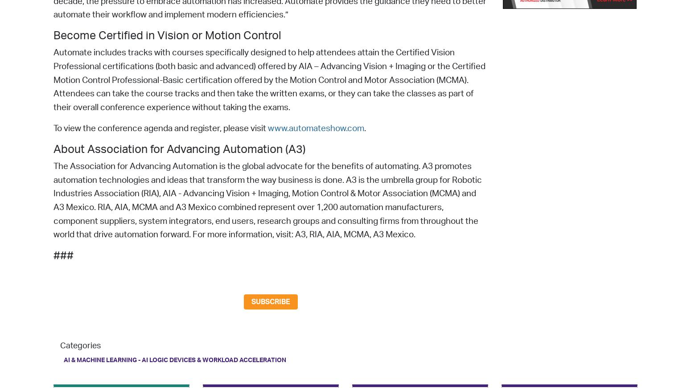 This screenshot has height=388, width=691. I want to click on 'The Association for Advancing Automation is the global advocate for the benefits of automating. A3 promotes automation technologies and ideas that transform the way business is done. A3 is the umbrella group for Robotic Industries Association (RIA), AIA - Advancing Vision + Imaging, Motion Control & Motor Association (MCMA) and A3 Mexico. RIA, AIA, MCMA and A3 Mexico combined represent over 1,200 automation manufacturers, component suppliers, system integrators, end users, research groups and consulting firms from throughout the world that drive automation forward. For more information, visit: A3, RIA, AIA, MCMA, A3 Mexico.', so click(267, 200).